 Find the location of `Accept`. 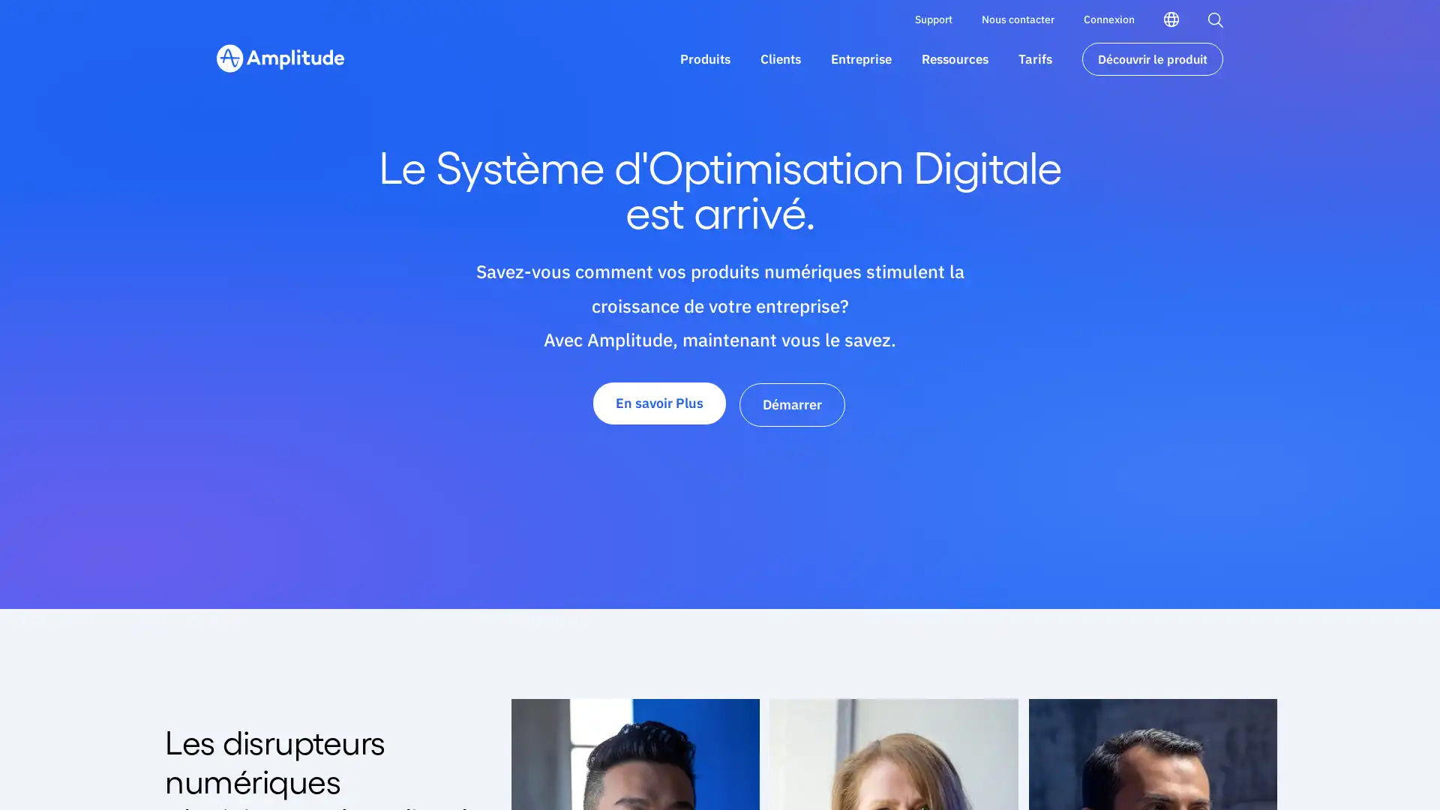

Accept is located at coordinates (1015, 763).